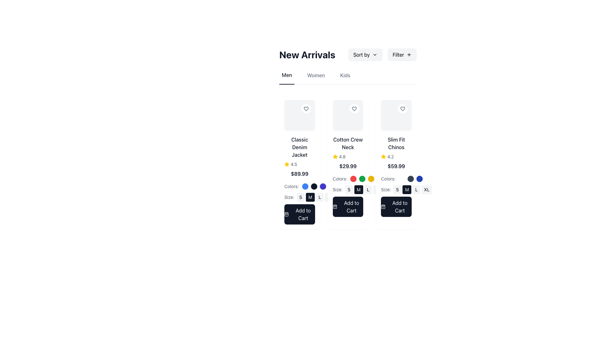 The width and height of the screenshot is (608, 342). Describe the element at coordinates (402, 108) in the screenshot. I see `the favorite icon button located in the top-right corner of the 'Slim Fit Chinos' product card` at that location.